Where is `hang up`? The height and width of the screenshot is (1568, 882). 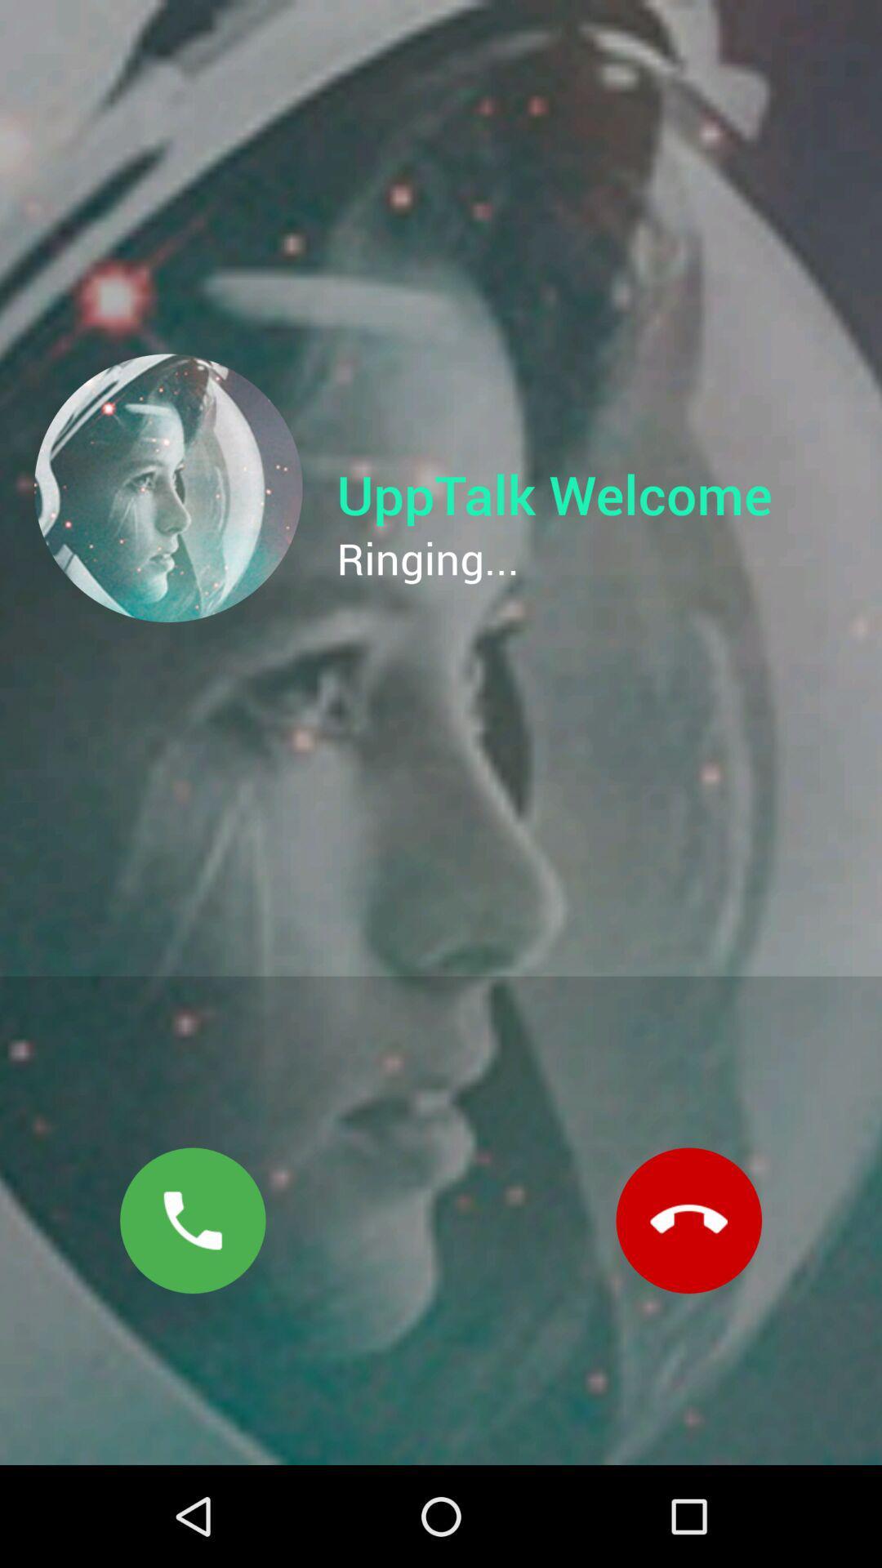
hang up is located at coordinates (688, 1220).